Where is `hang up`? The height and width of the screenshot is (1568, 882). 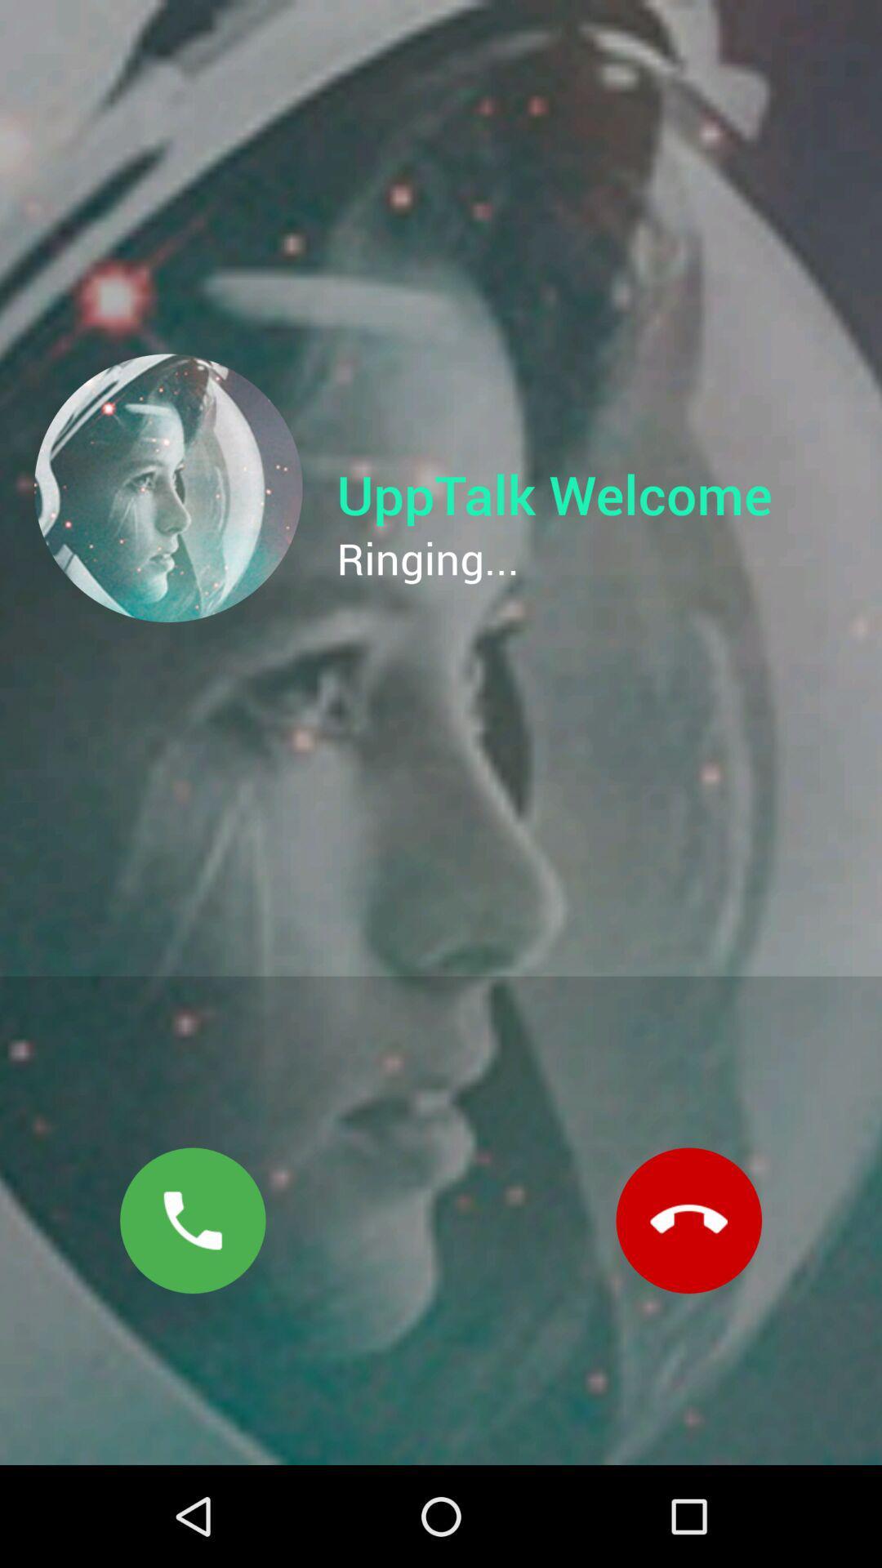
hang up is located at coordinates (688, 1220).